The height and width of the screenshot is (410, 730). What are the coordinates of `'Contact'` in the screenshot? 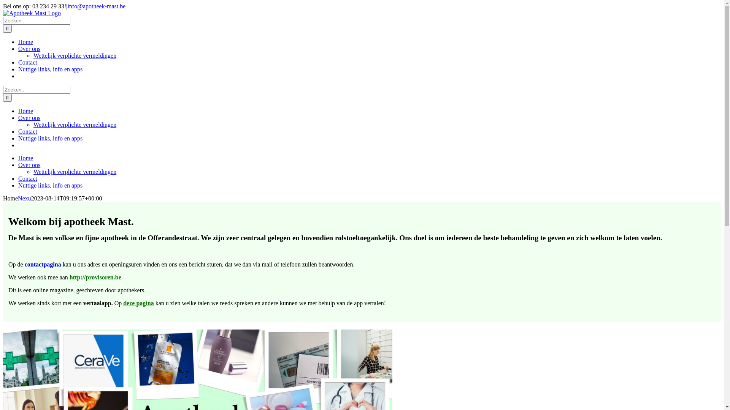 It's located at (27, 131).